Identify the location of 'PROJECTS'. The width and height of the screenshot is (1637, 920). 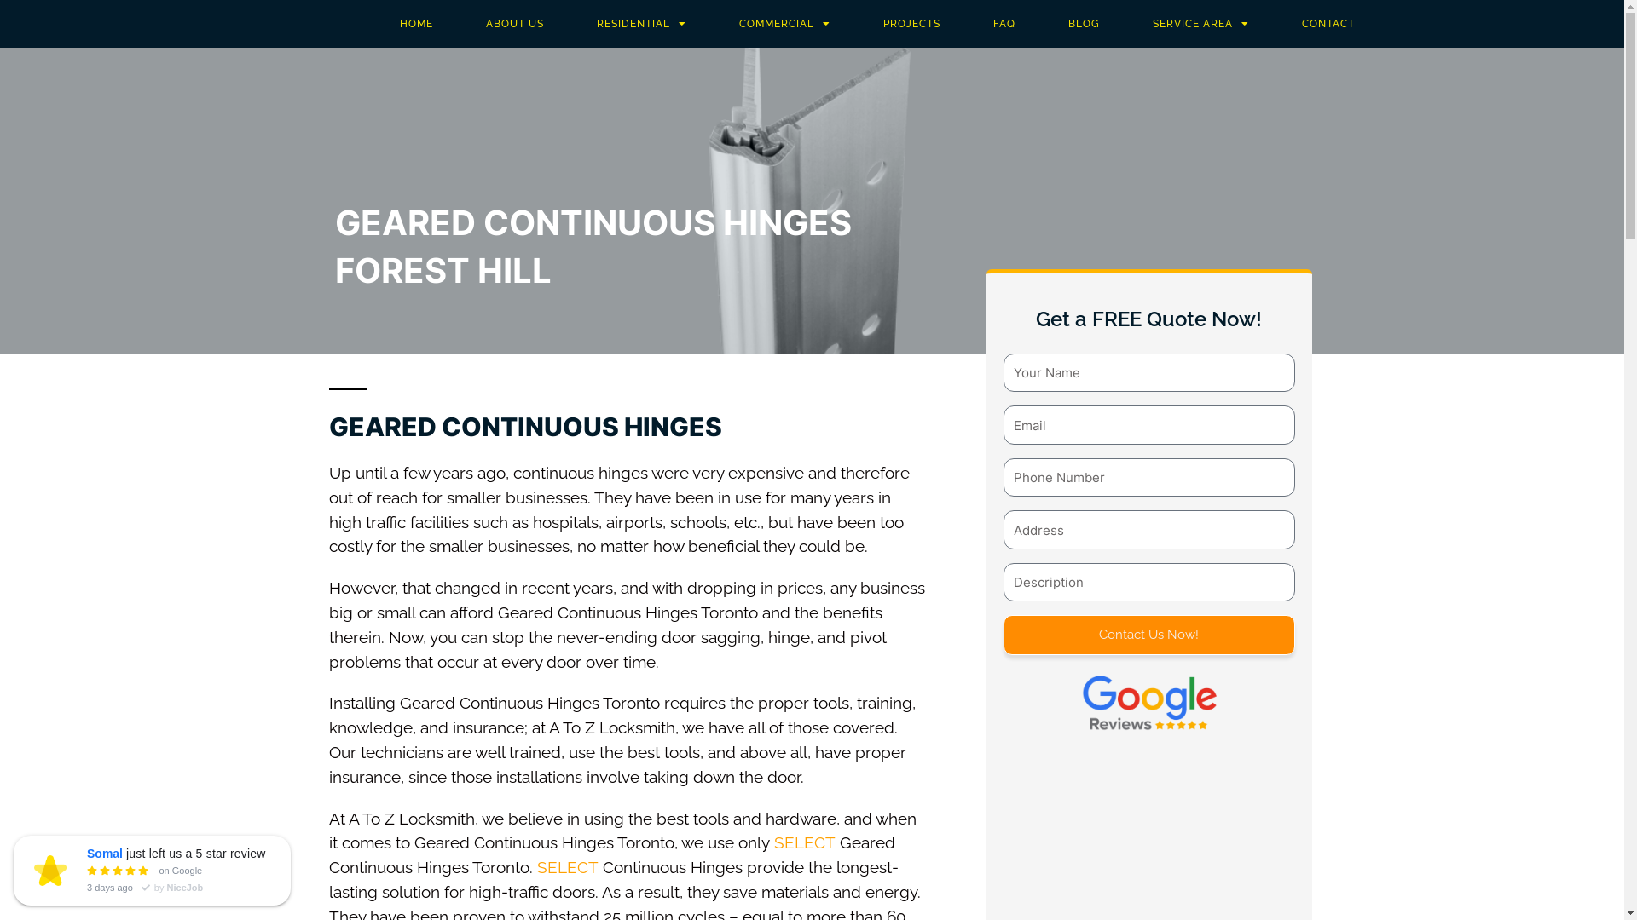
(911, 23).